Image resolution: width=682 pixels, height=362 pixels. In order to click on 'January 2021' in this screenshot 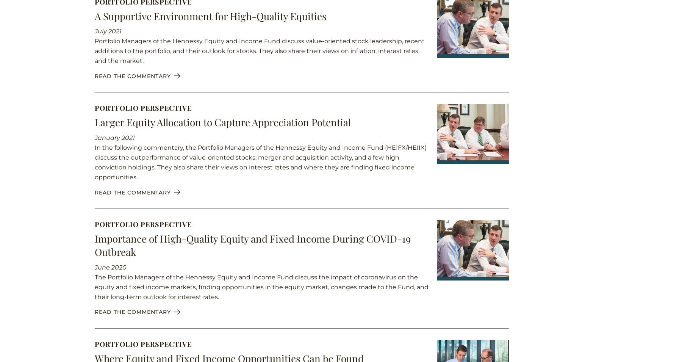, I will do `click(114, 137)`.